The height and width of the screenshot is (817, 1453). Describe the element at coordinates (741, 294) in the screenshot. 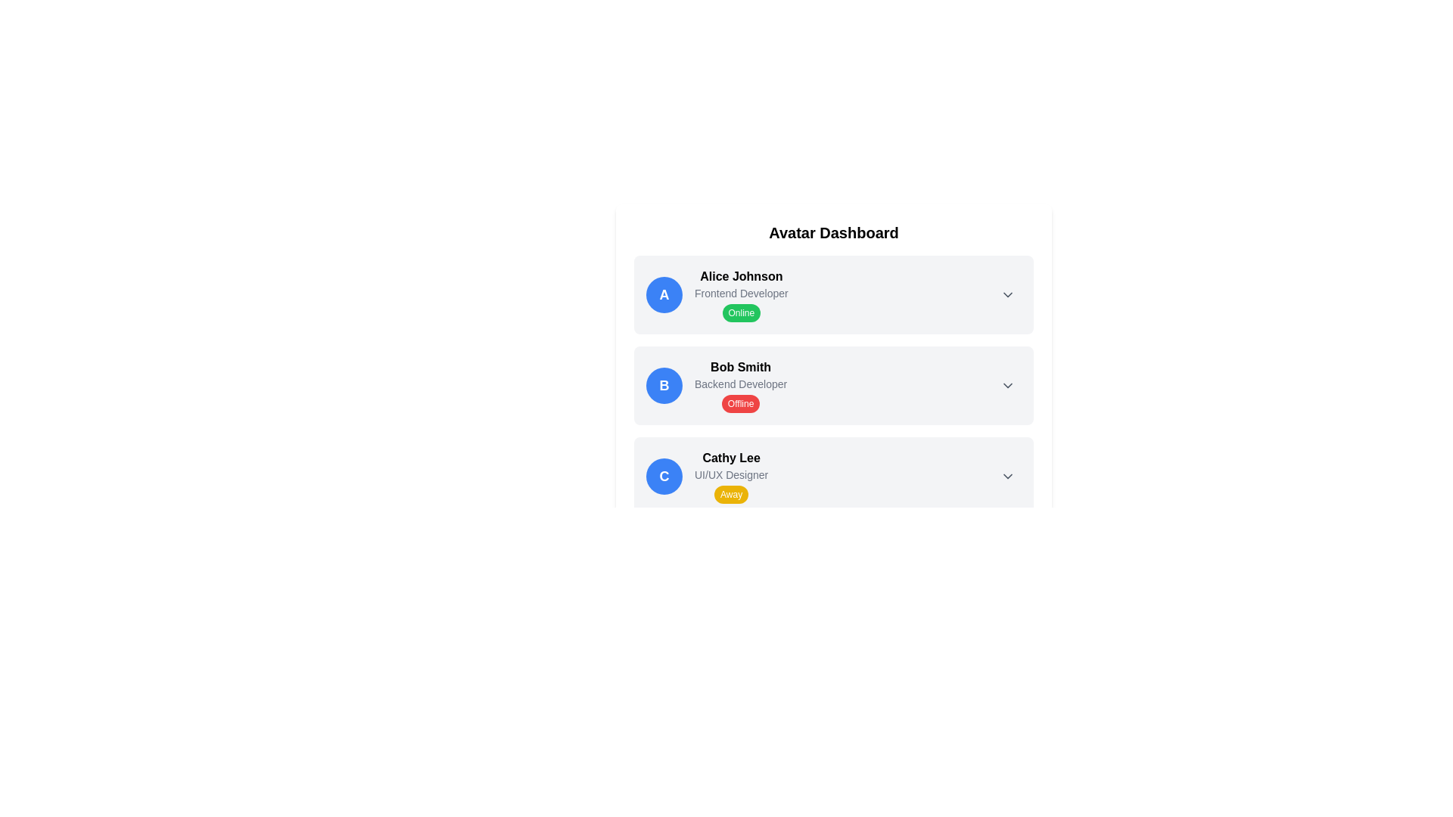

I see `the online status of Alice Johnson` at that location.